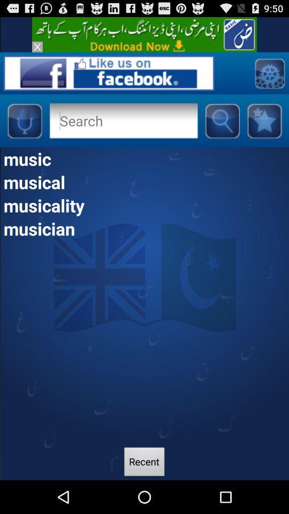 The image size is (289, 514). I want to click on recent button, so click(144, 463).